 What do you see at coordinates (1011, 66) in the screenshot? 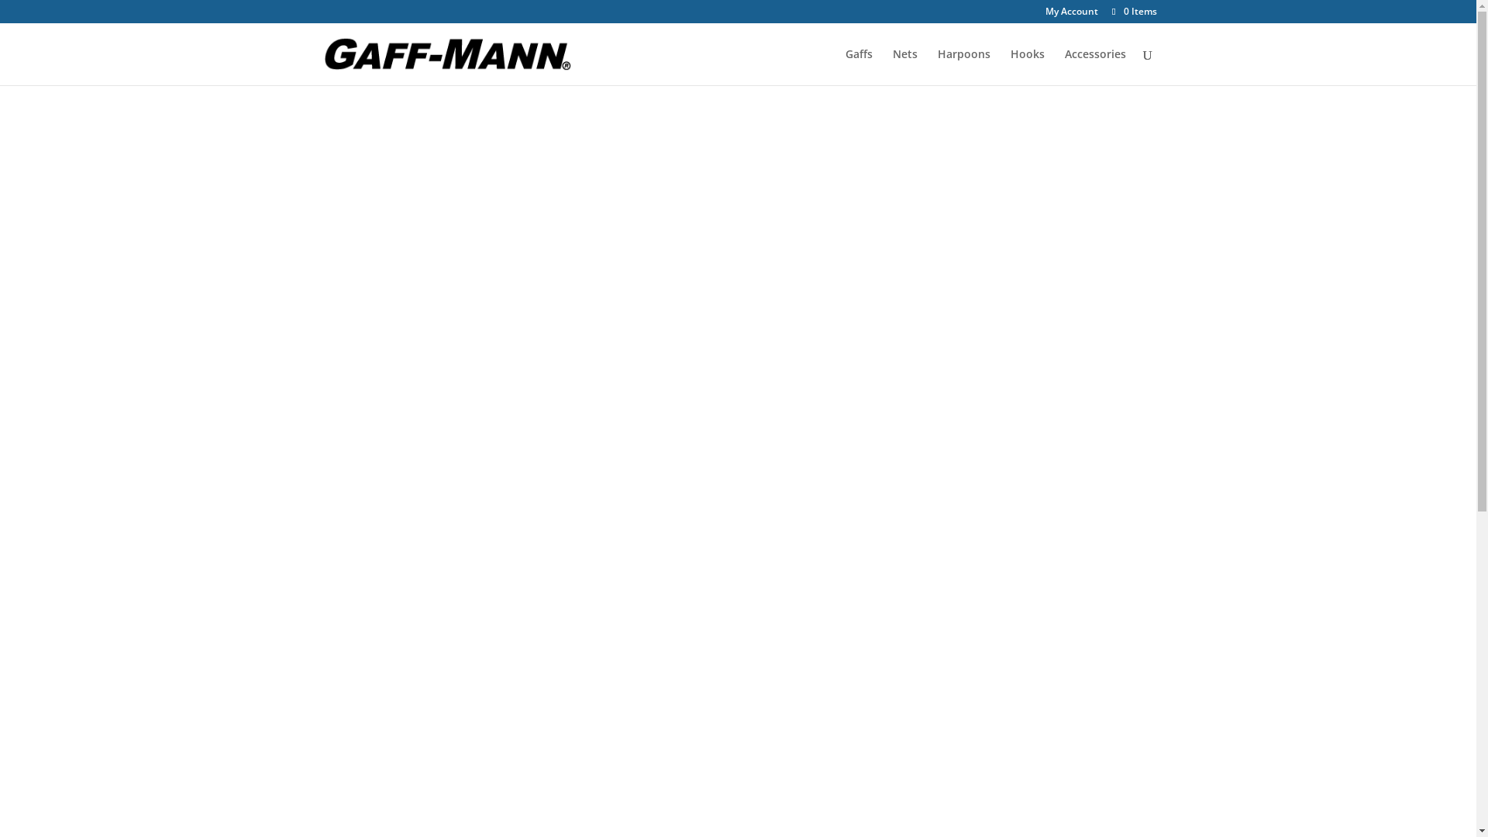
I see `'Hooks'` at bounding box center [1011, 66].